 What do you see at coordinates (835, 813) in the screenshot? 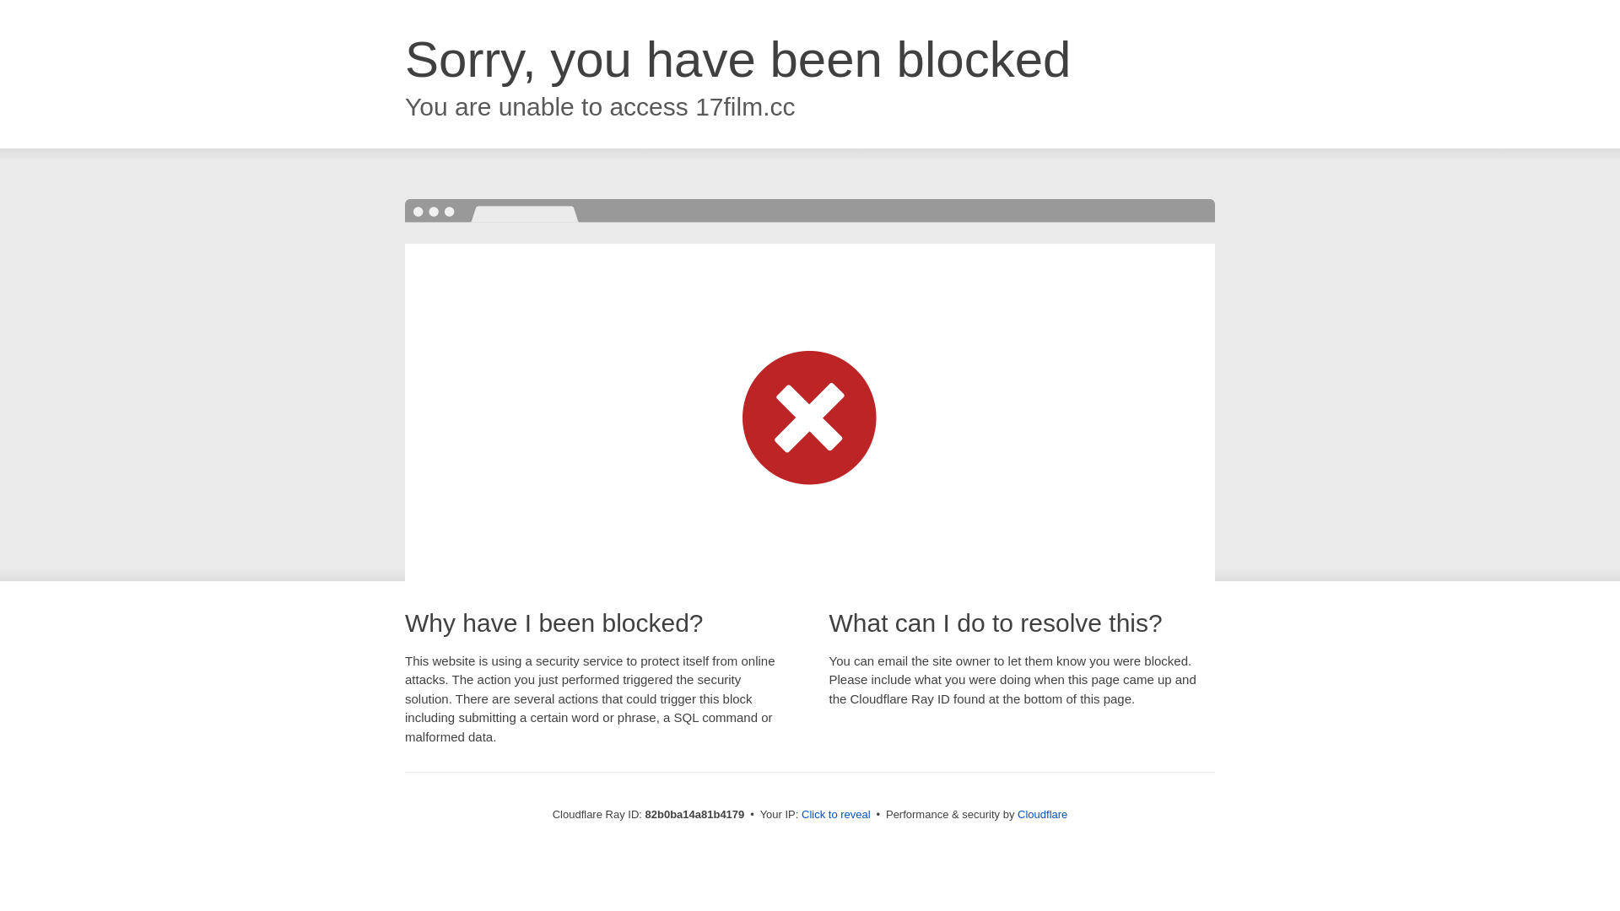
I see `'Click to reveal'` at bounding box center [835, 813].